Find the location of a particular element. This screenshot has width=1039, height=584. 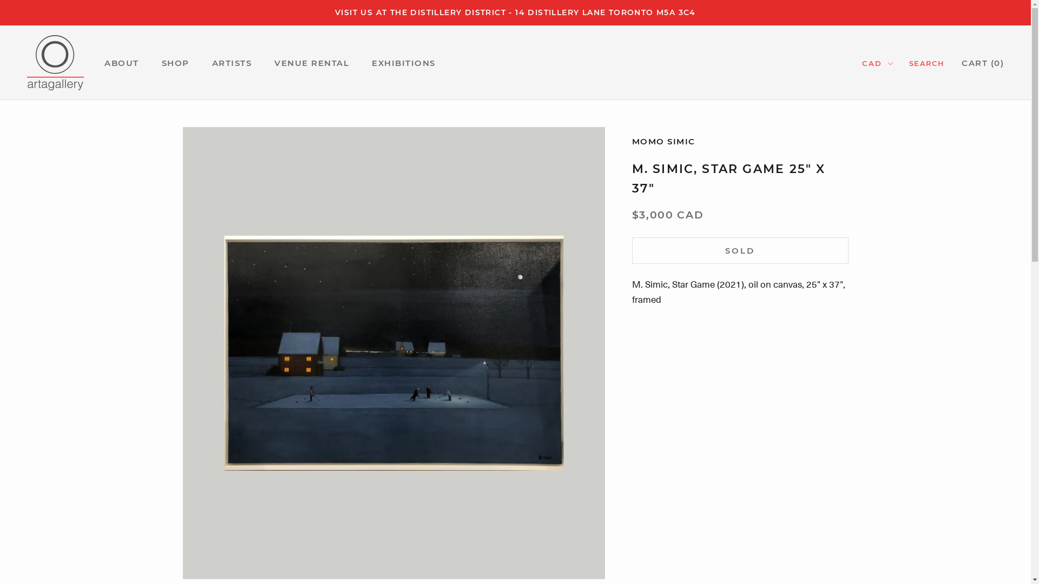

'SHOP is located at coordinates (175, 63).